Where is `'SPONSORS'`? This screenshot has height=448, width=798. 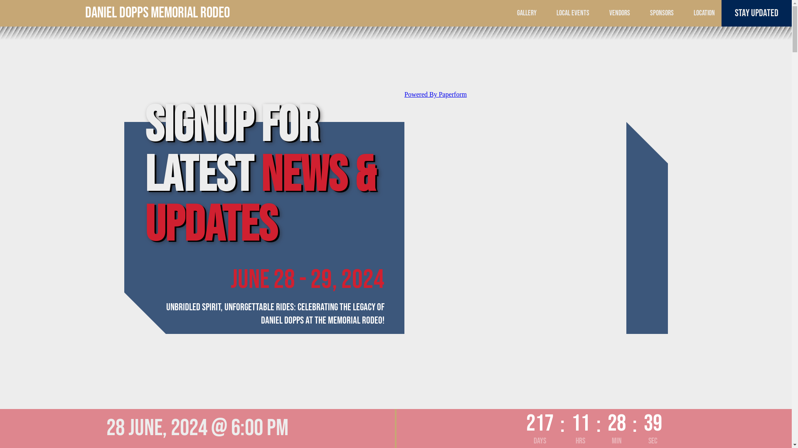 'SPONSORS' is located at coordinates (661, 13).